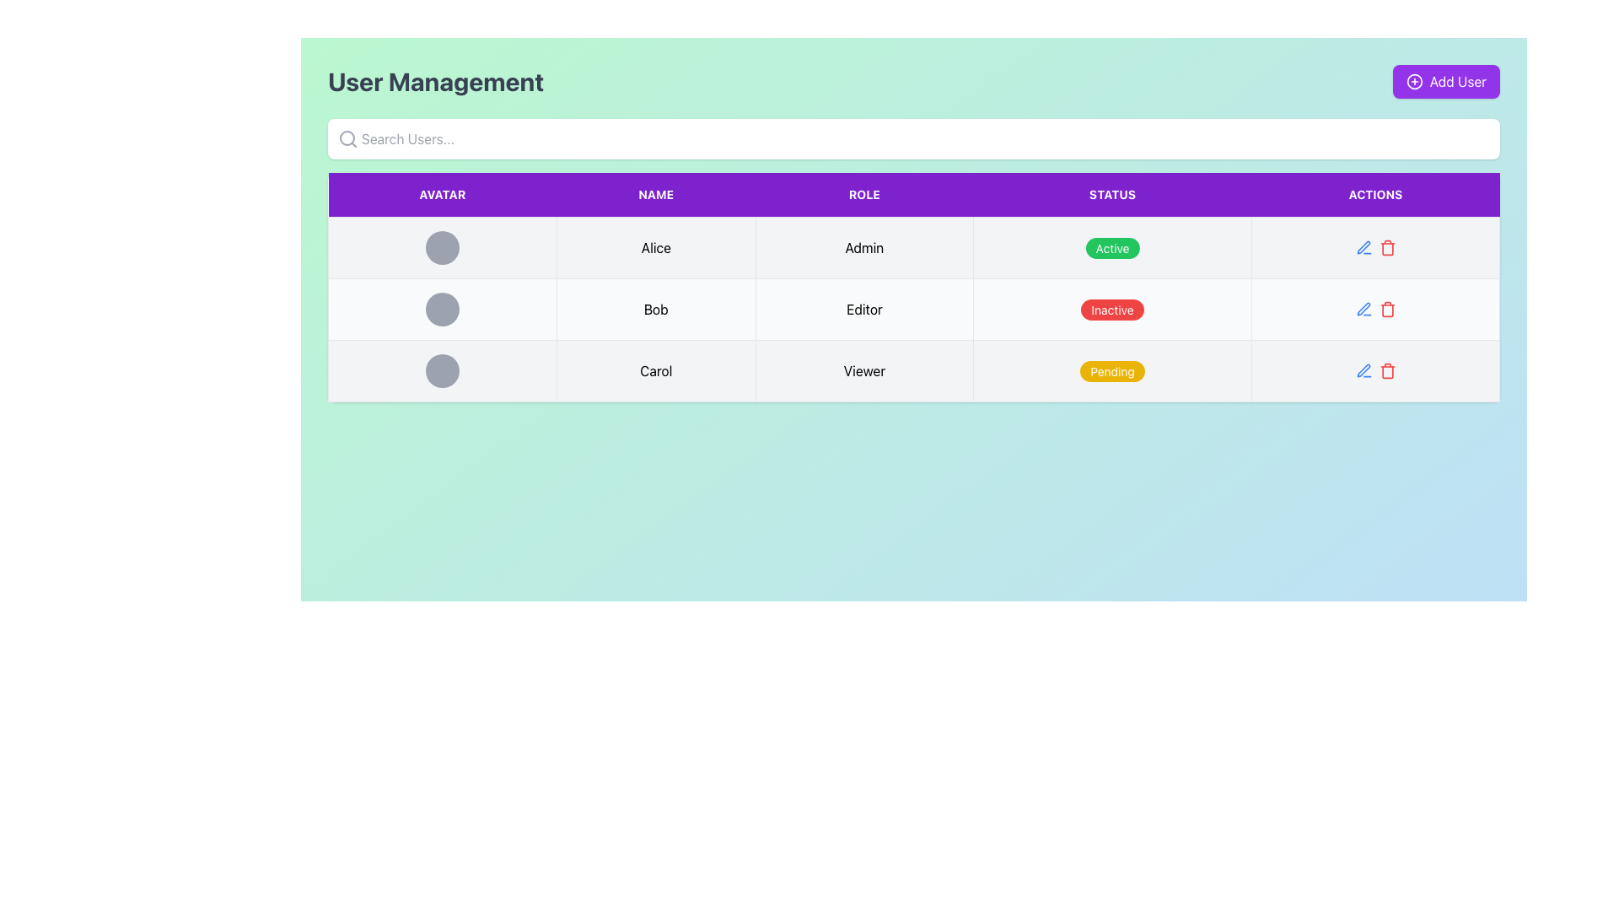 This screenshot has height=911, width=1619. Describe the element at coordinates (1414, 81) in the screenshot. I see `the circular icon with a plus sign inside it, which is part of the 'Add User' button located at the top-right corner of the interface` at that location.